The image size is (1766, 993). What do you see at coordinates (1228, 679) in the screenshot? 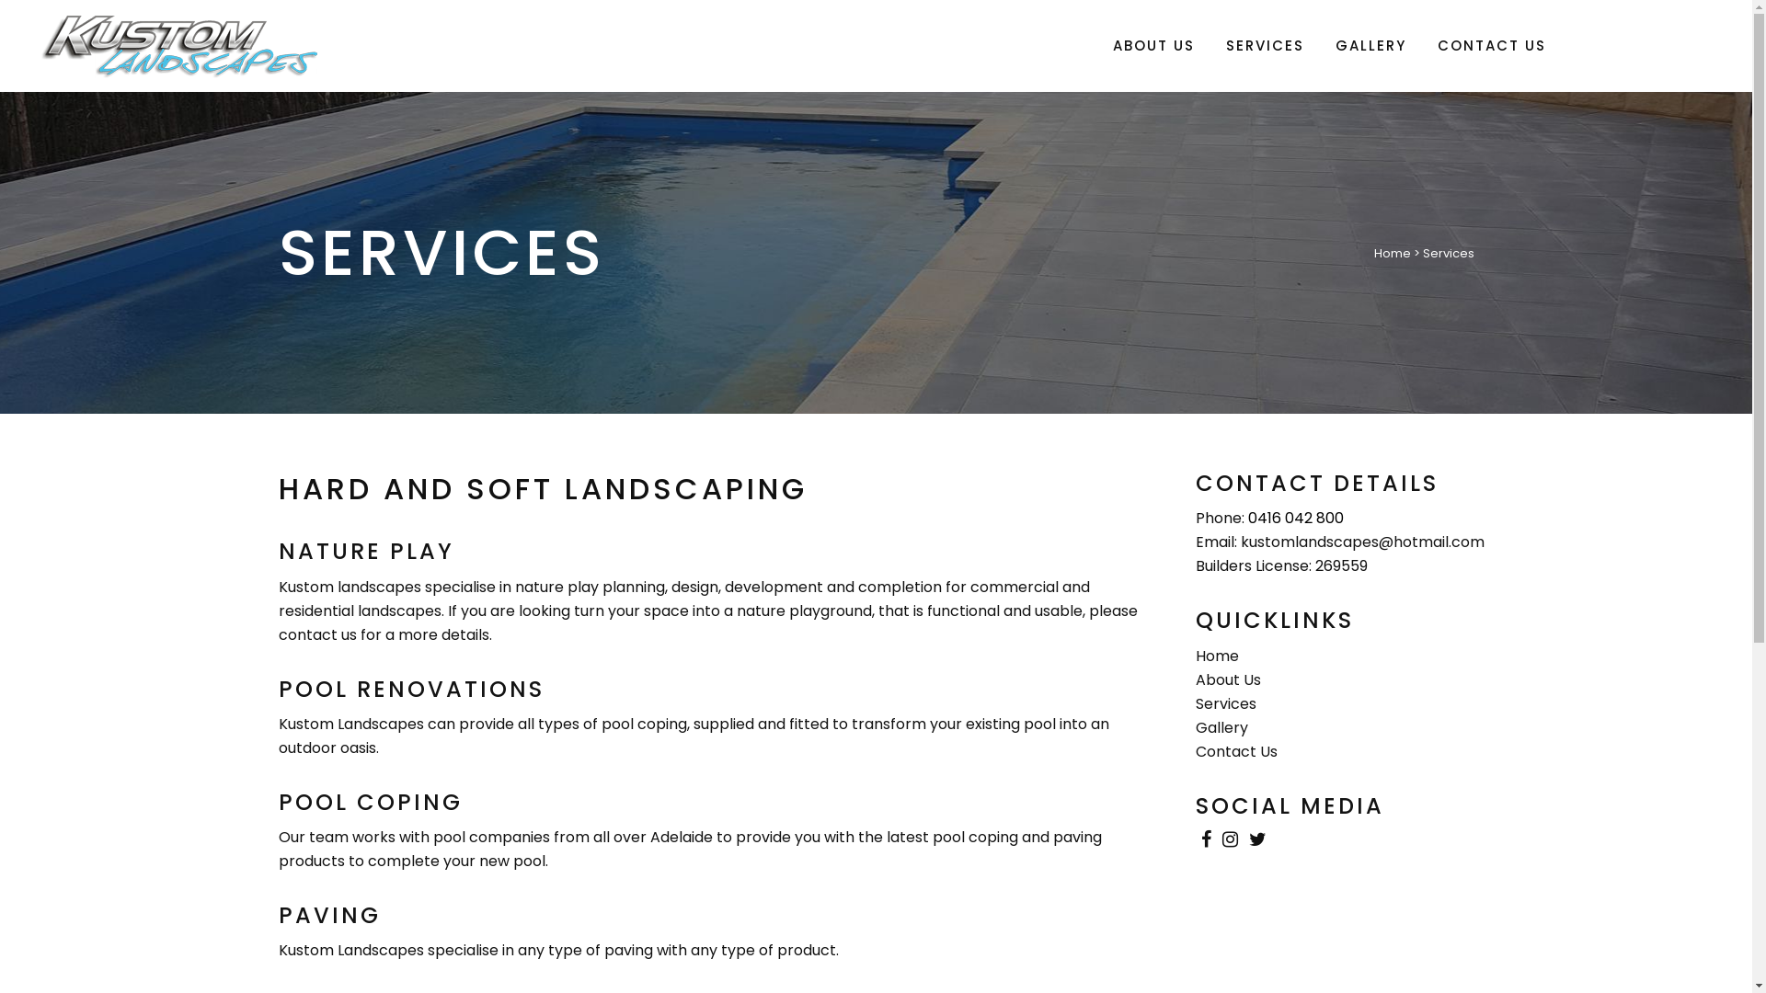
I see `'About Us'` at bounding box center [1228, 679].